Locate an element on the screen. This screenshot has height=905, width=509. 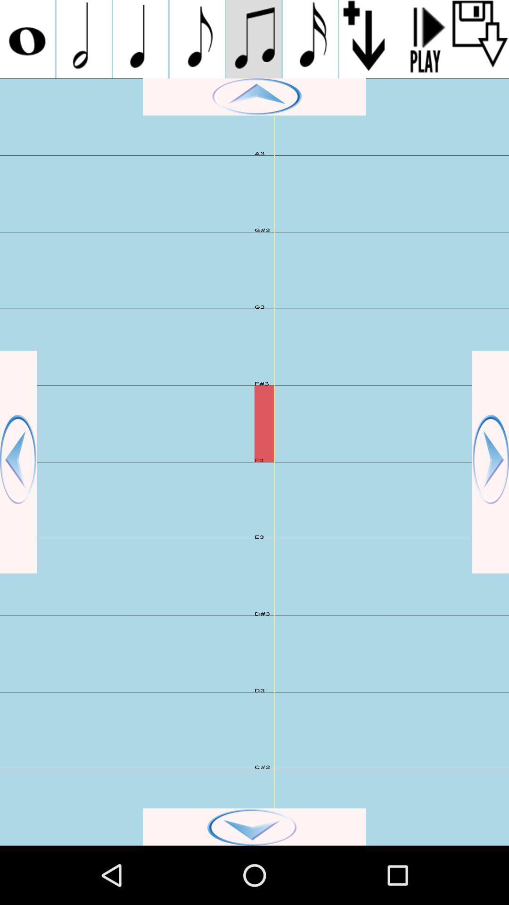
selected note is located at coordinates (367, 39).